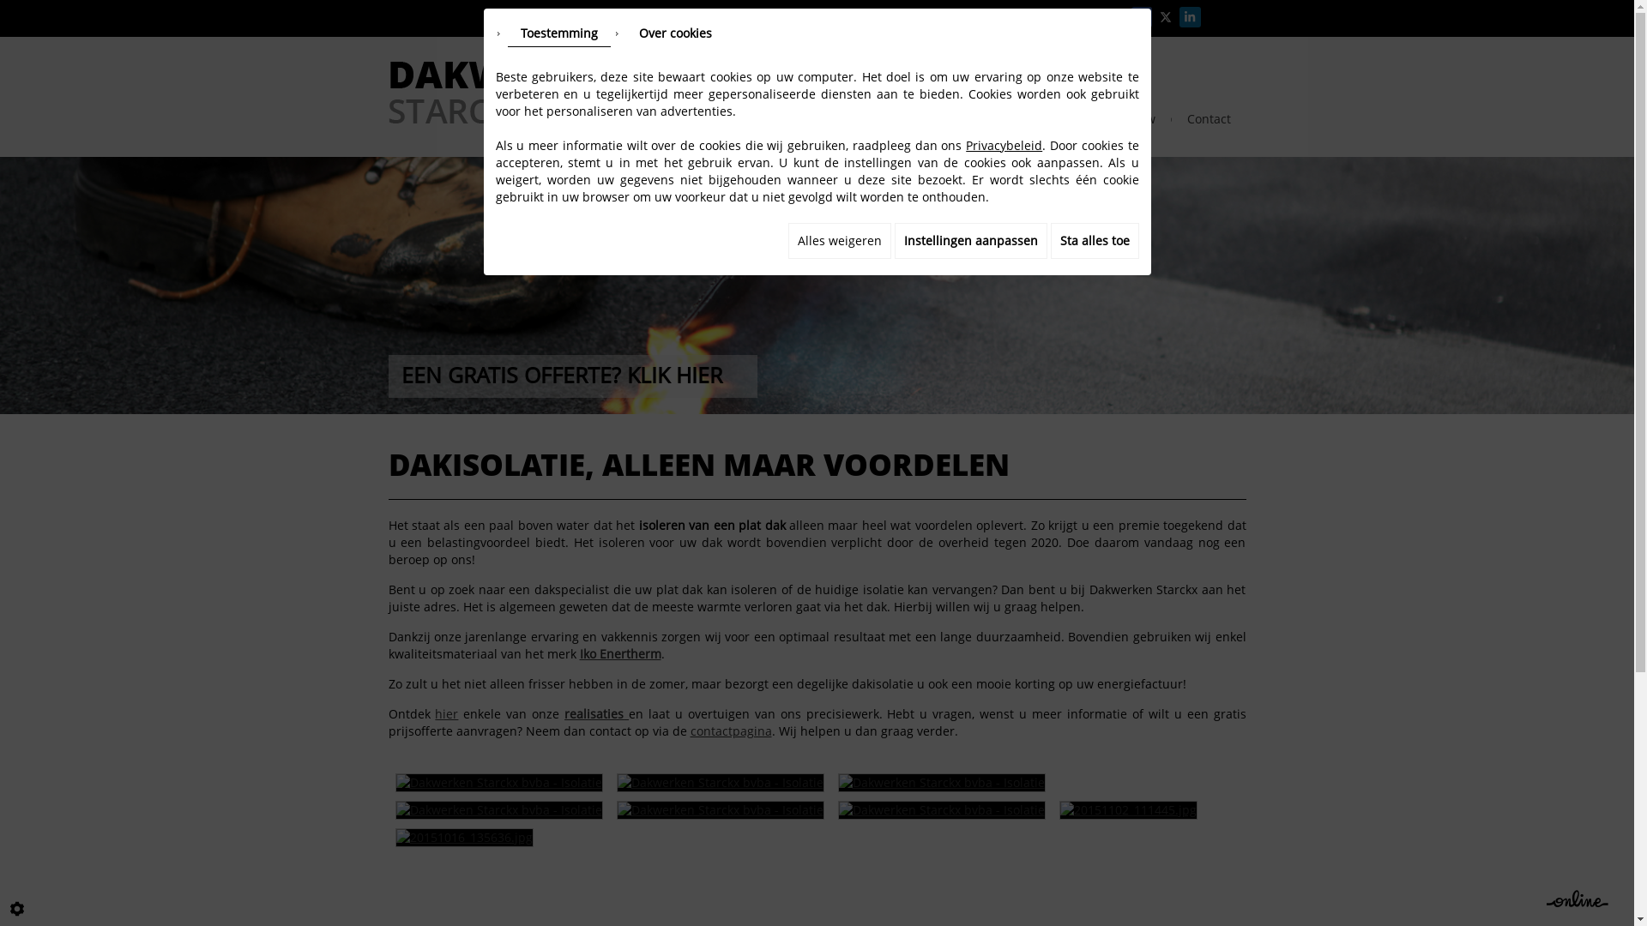 The image size is (1647, 926). Describe the element at coordinates (619, 653) in the screenshot. I see `'Iko Enertherm'` at that location.